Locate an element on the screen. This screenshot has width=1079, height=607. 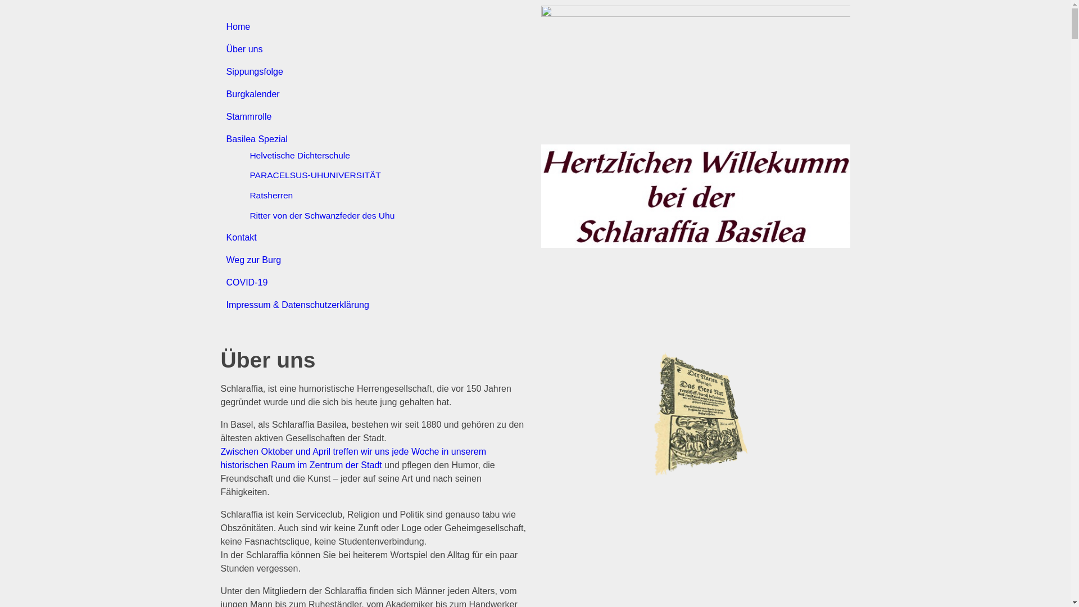
'Home' is located at coordinates (237, 26).